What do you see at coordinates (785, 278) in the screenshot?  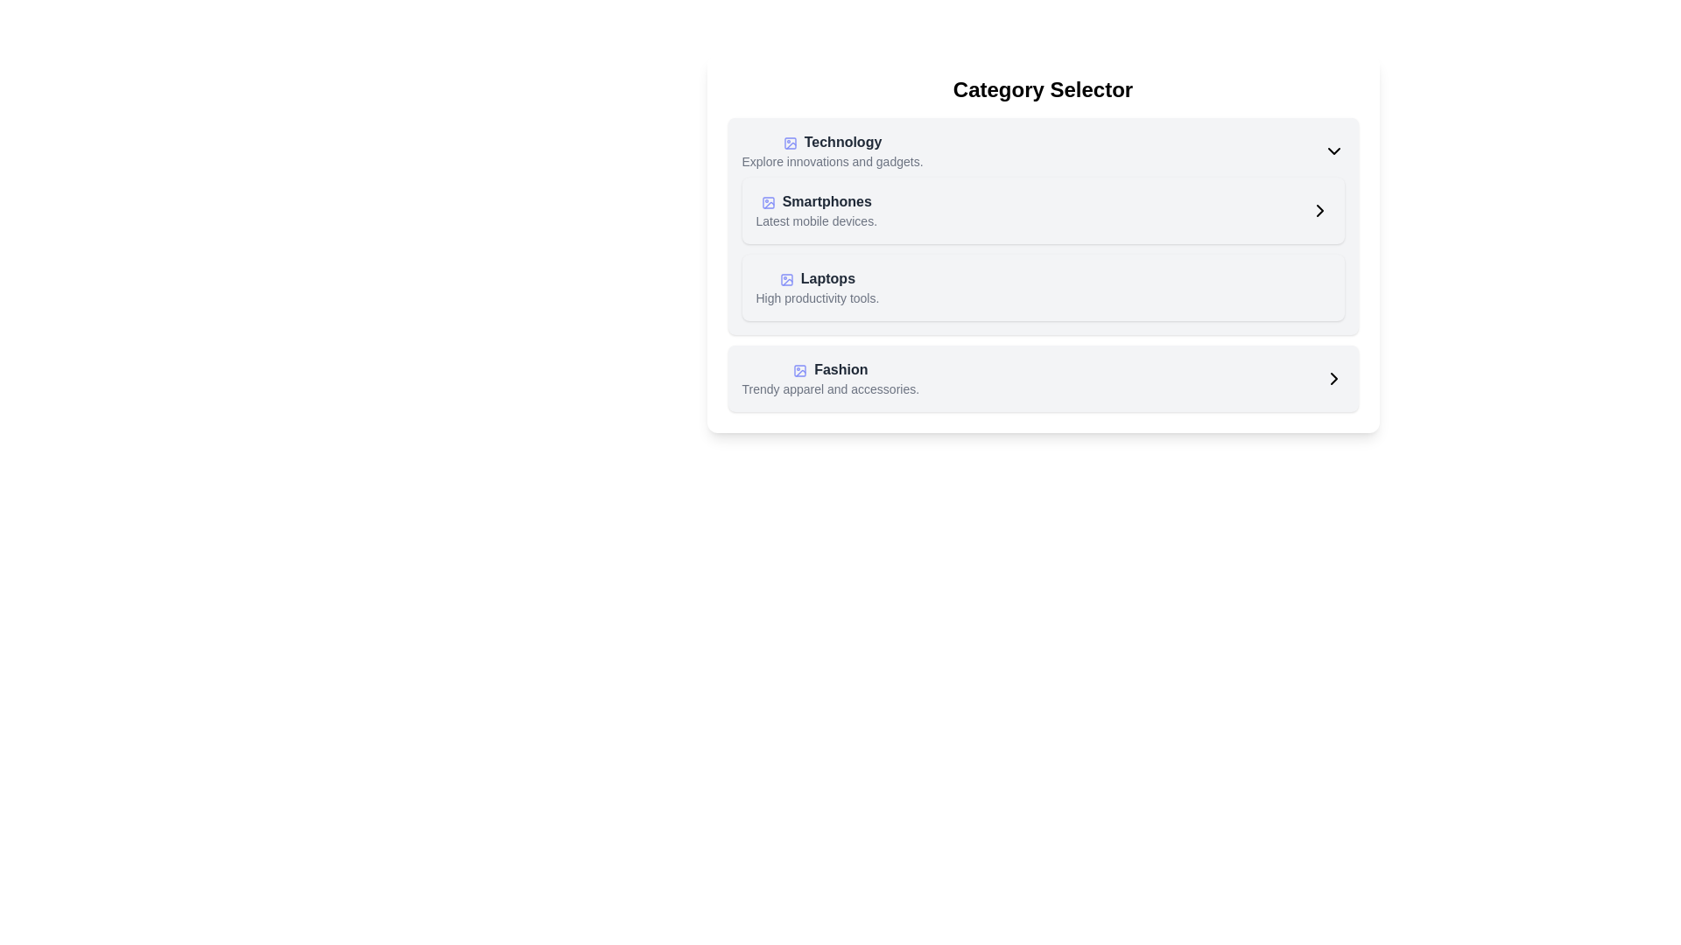 I see `the Vector icon representing the 'Laptops' category located to the left of the text label in the third row of the category list` at bounding box center [785, 278].